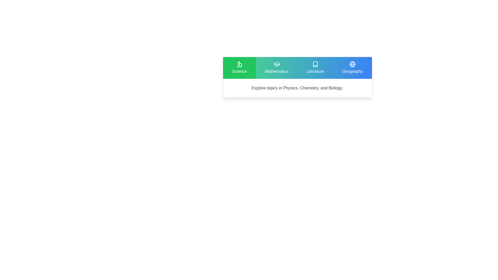  I want to click on the navigation button for Science topics, the first button in a row of four buttons located at the top-left of the row, so click(239, 68).